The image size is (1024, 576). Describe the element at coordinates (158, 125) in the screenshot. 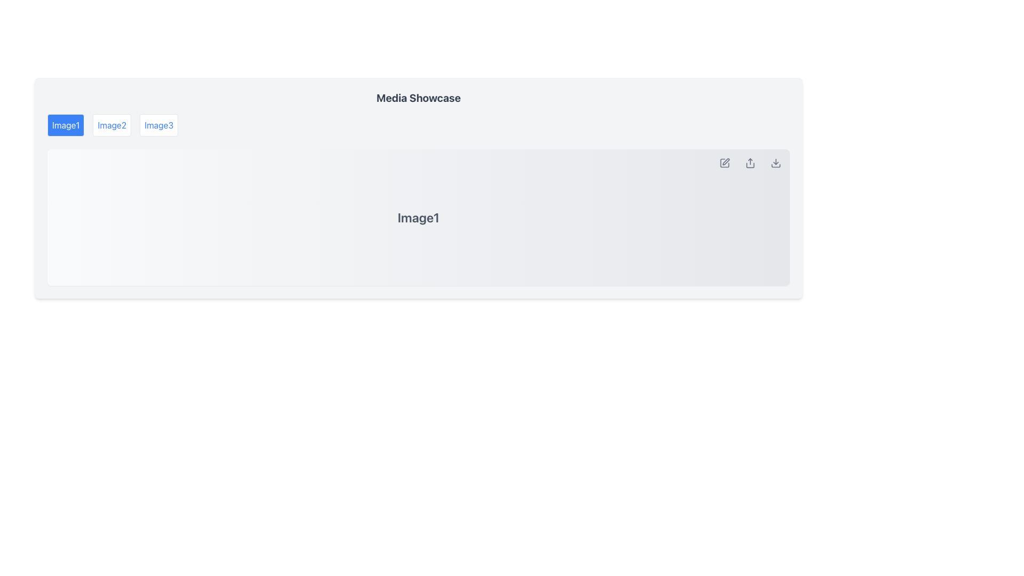

I see `the 'Image3' button, which is styled with a blue text on a white background and is the third button in a horizontal group below the 'Media Showcase' heading` at that location.